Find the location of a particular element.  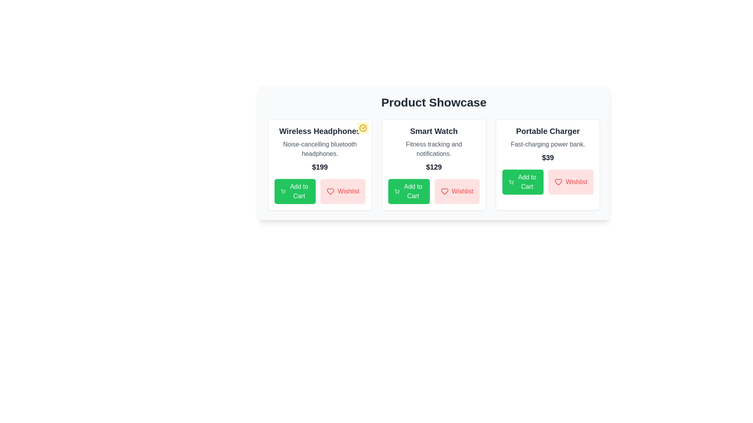

the 'Wishlist' button for the product Portable Charger is located at coordinates (571, 182).